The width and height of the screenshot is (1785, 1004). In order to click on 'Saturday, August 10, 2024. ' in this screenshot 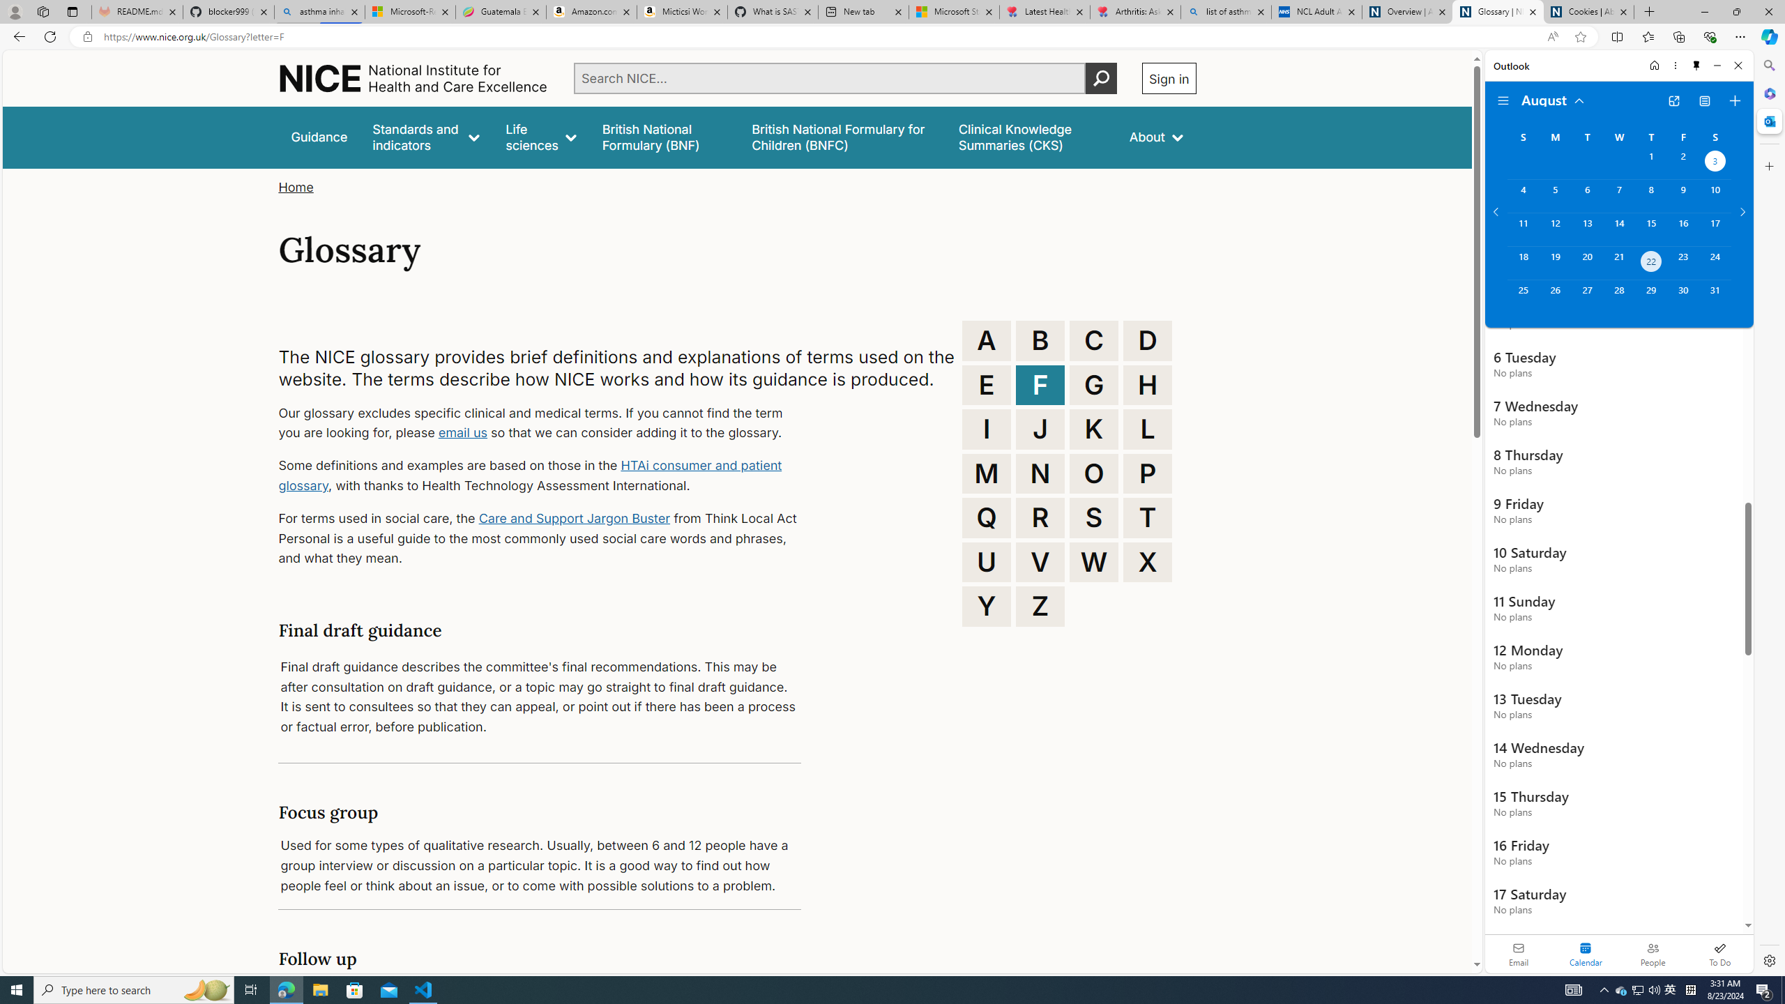, I will do `click(1715, 195)`.